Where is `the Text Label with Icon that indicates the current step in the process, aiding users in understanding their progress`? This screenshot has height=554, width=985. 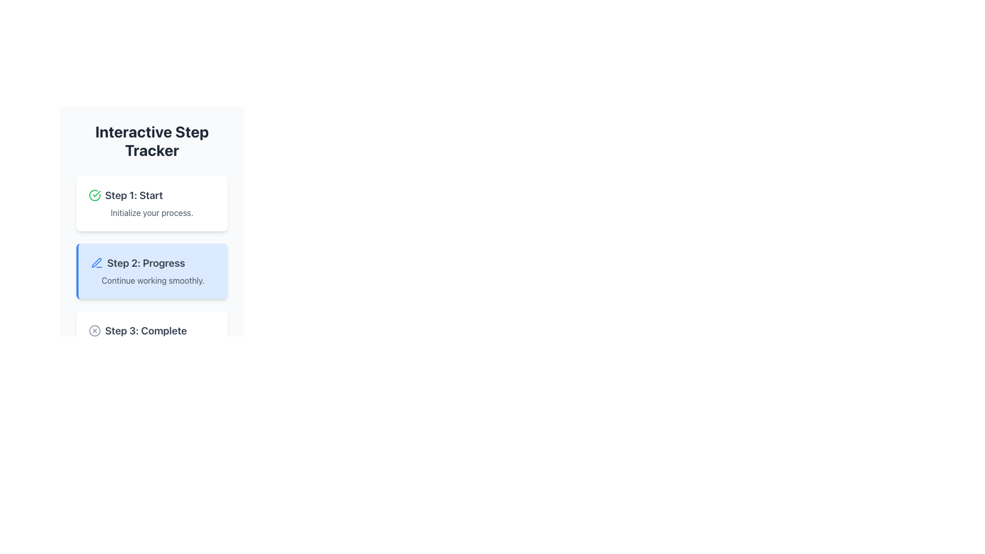
the Text Label with Icon that indicates the current step in the process, aiding users in understanding their progress is located at coordinates (152, 263).